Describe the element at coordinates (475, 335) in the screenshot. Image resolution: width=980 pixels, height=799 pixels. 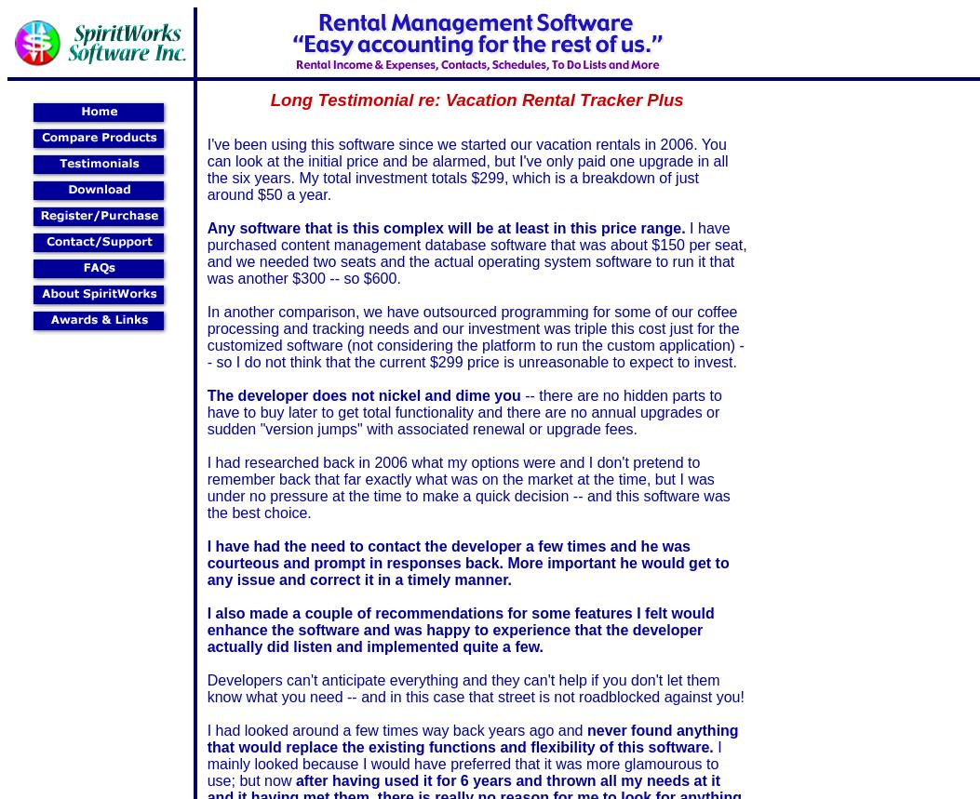
I see `'In another comparison, we have outsourced programming for some of our coffee processing and tracking needs and our investment was triple this cost just for the customized software (not considering the platform to run the custom application) -- so I do not think that the current $299 price is unreasonable to expect to invest.'` at that location.